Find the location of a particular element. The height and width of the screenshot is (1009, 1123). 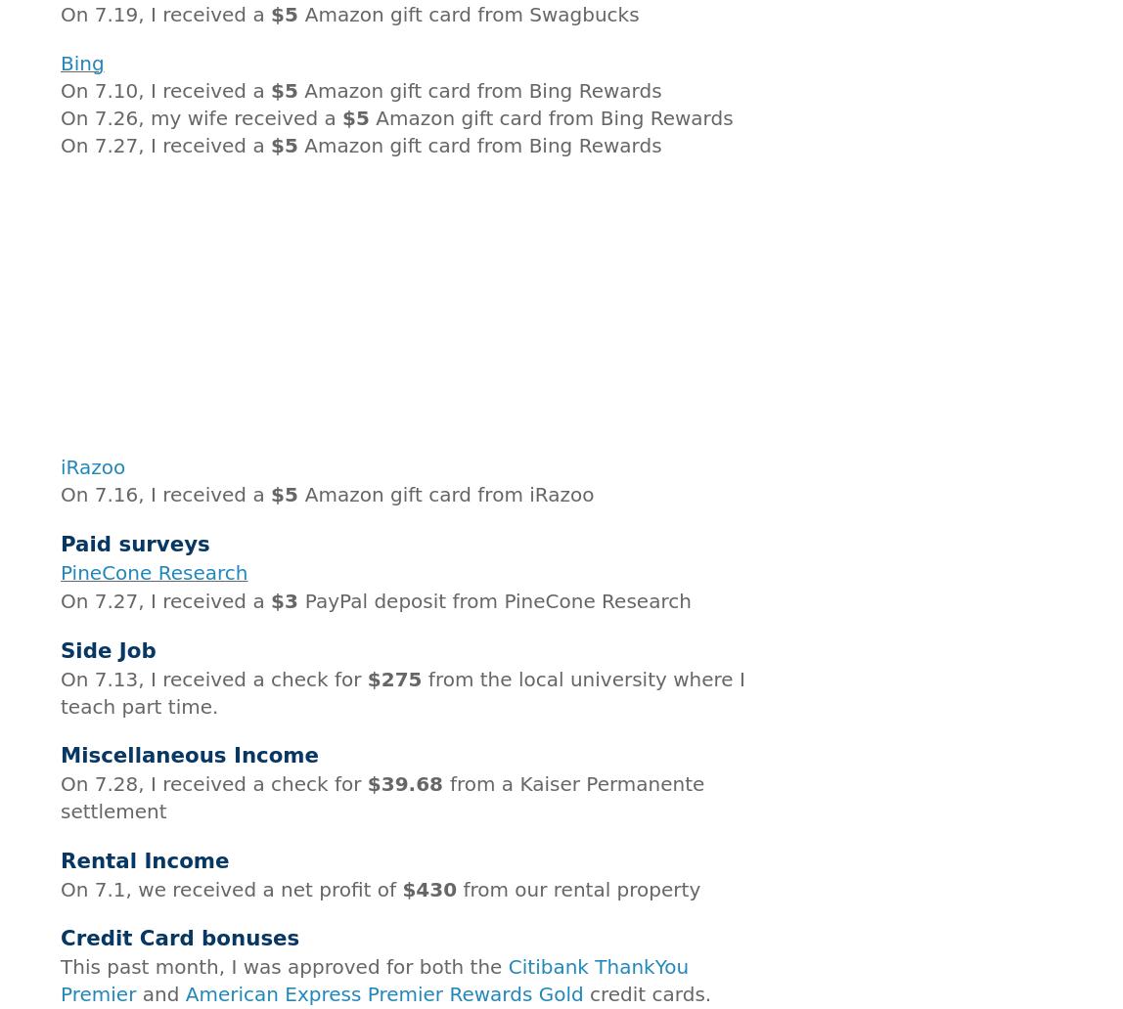

'Paid surveys' is located at coordinates (134, 543).